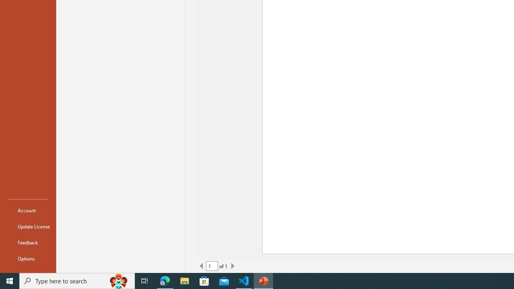 The height and width of the screenshot is (289, 514). Describe the element at coordinates (28, 210) in the screenshot. I see `'Account'` at that location.